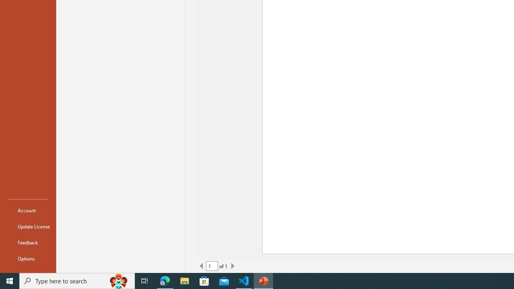 The height and width of the screenshot is (289, 514). Describe the element at coordinates (28, 210) in the screenshot. I see `'Account'` at that location.